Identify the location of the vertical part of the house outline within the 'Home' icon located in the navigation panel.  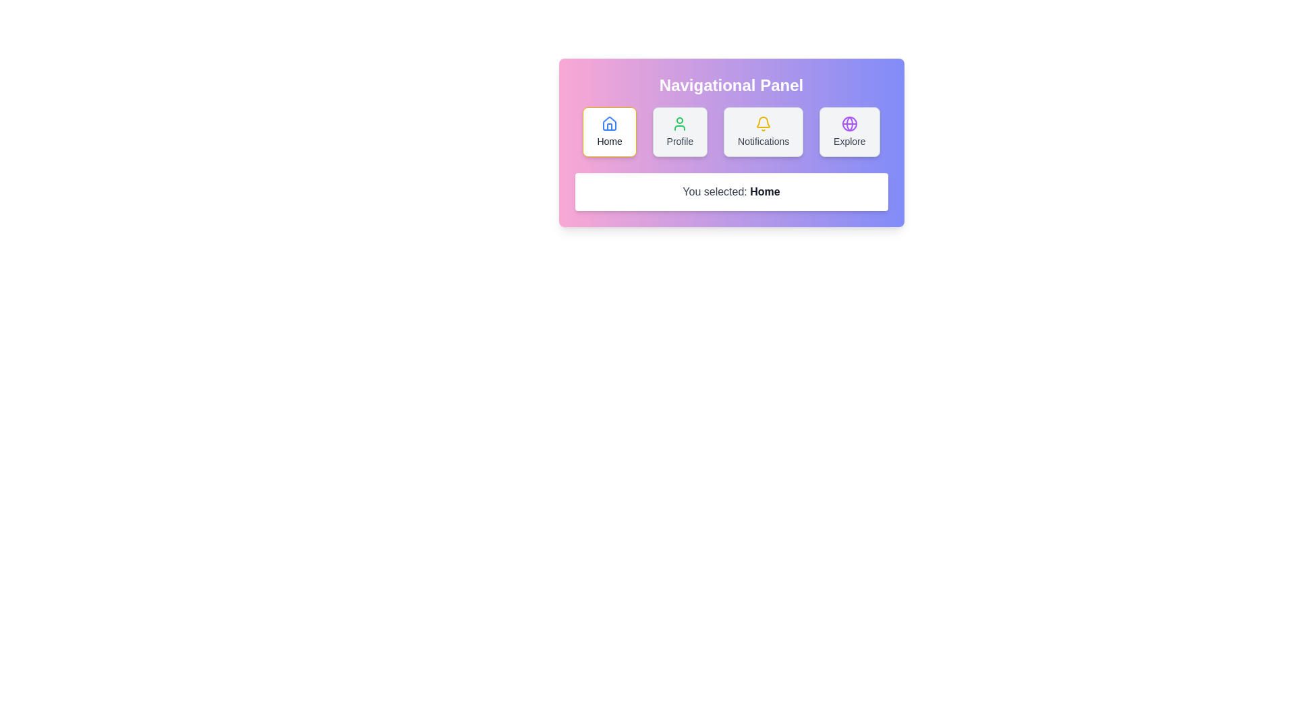
(609, 127).